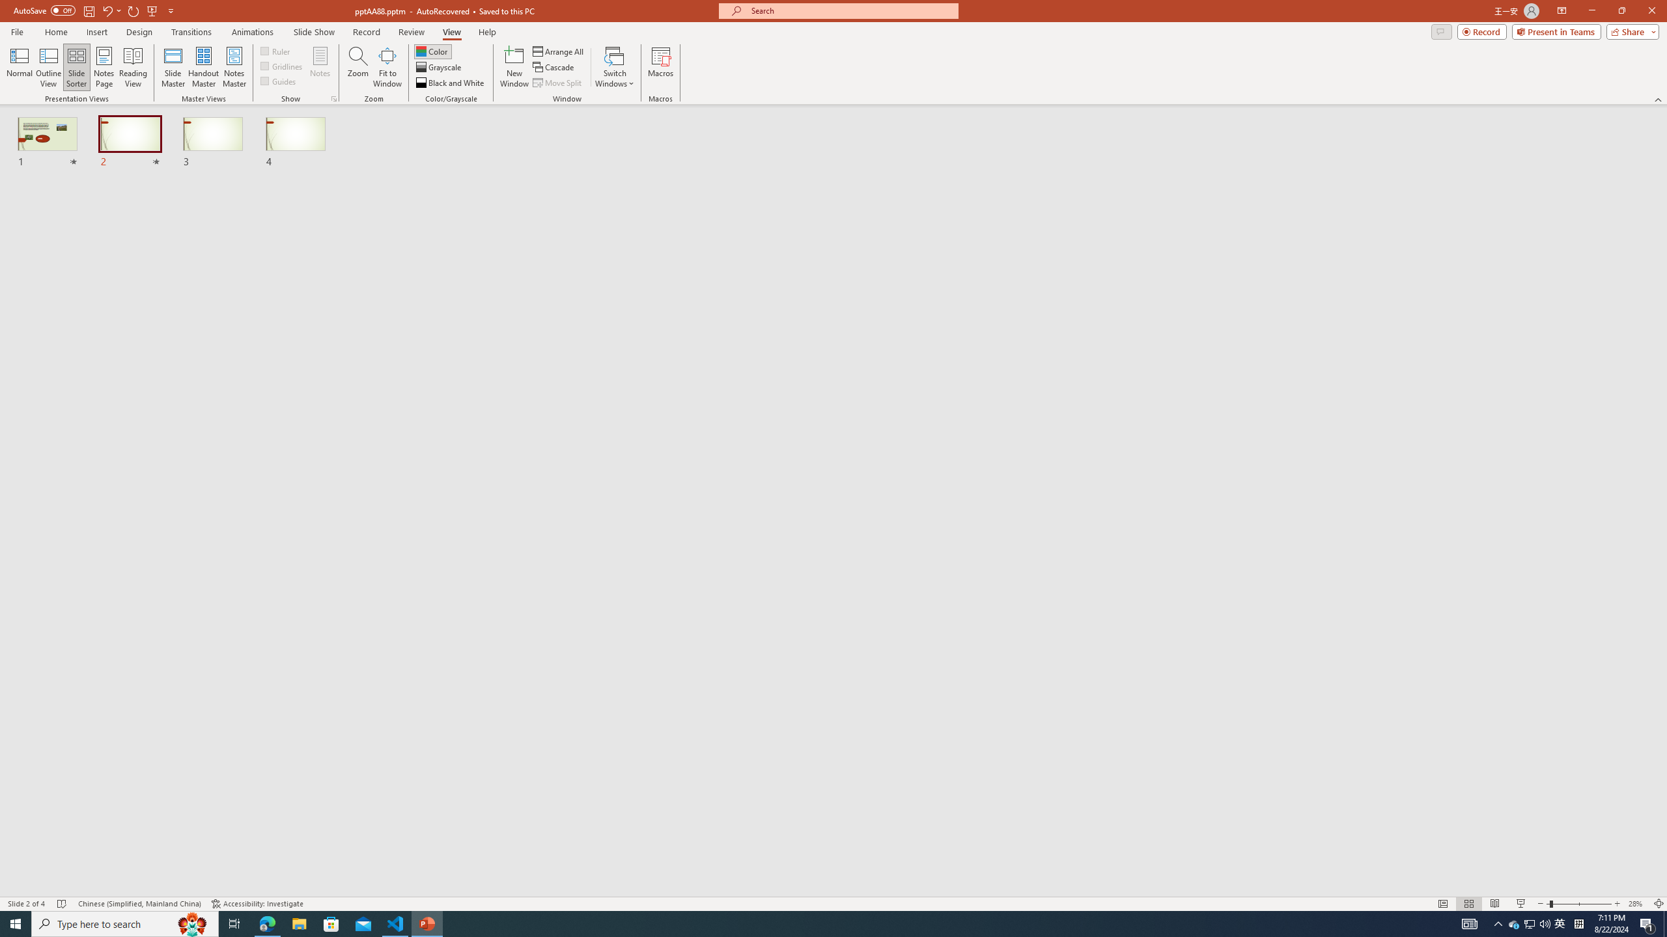  Describe the element at coordinates (48, 67) in the screenshot. I see `'Outline View'` at that location.